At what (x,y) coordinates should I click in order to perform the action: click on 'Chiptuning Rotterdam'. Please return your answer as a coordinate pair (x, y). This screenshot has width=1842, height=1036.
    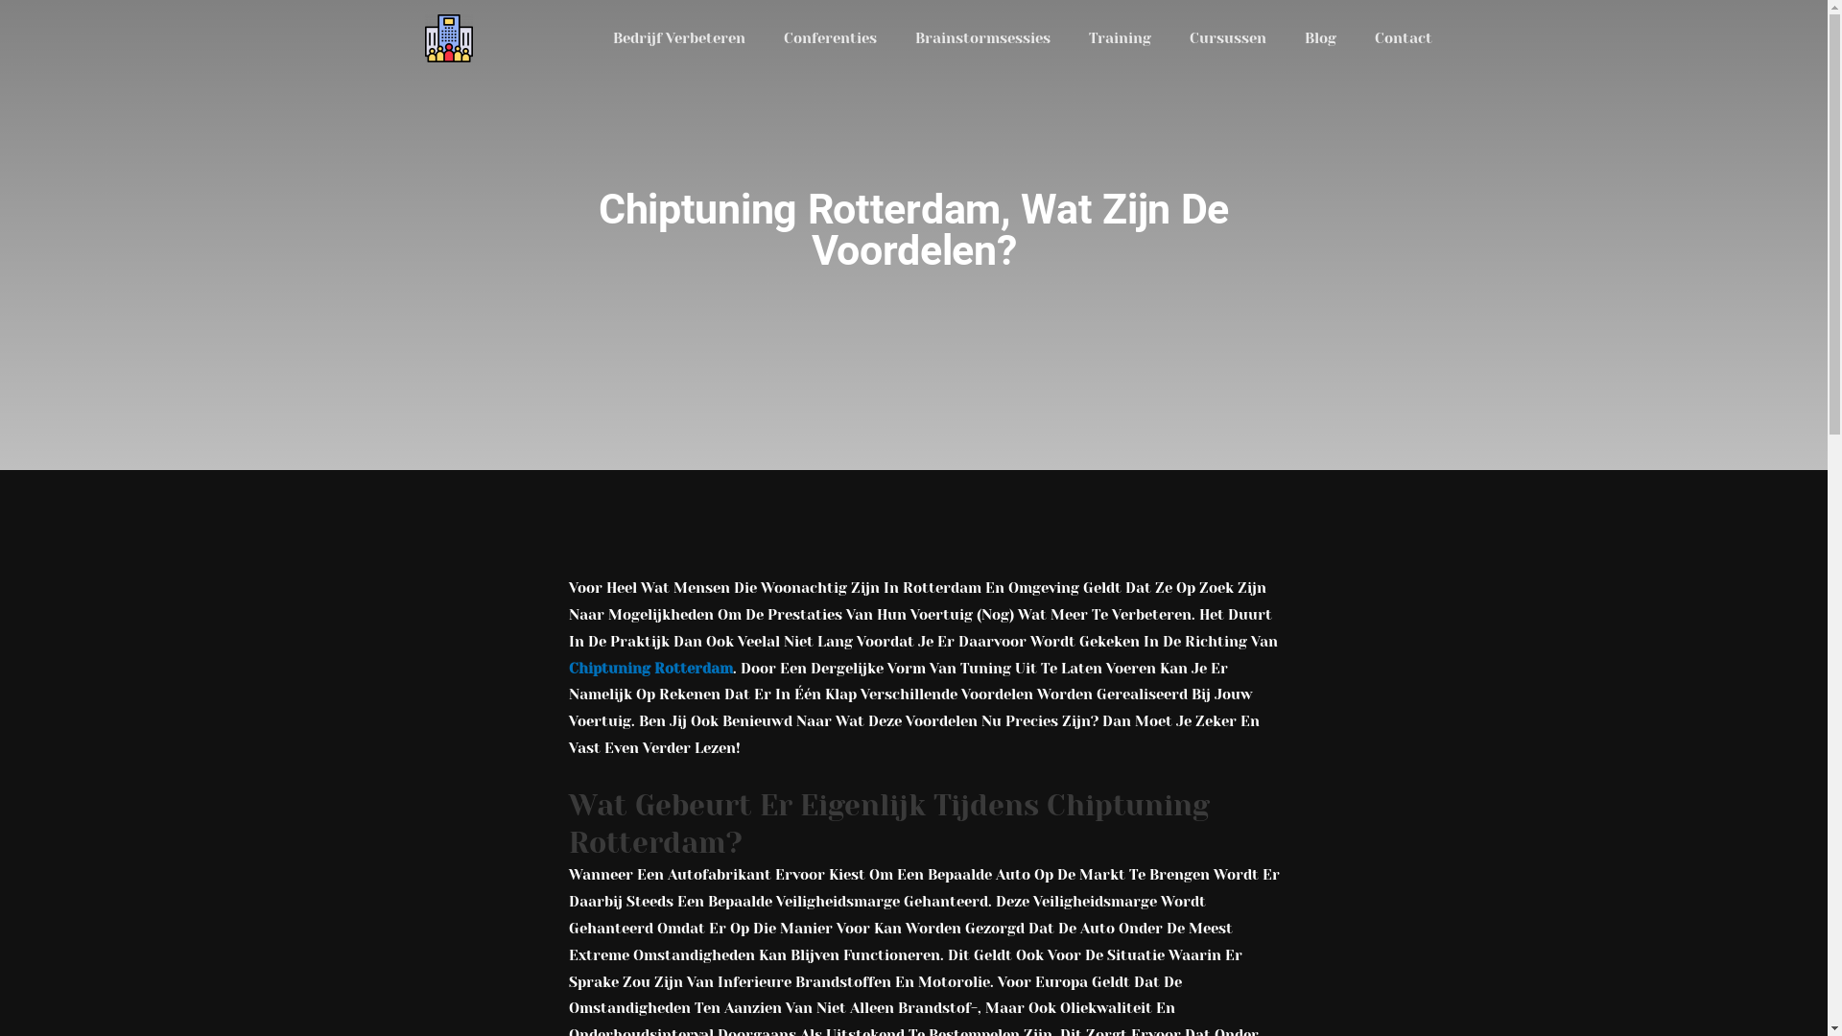
    Looking at the image, I should click on (649, 668).